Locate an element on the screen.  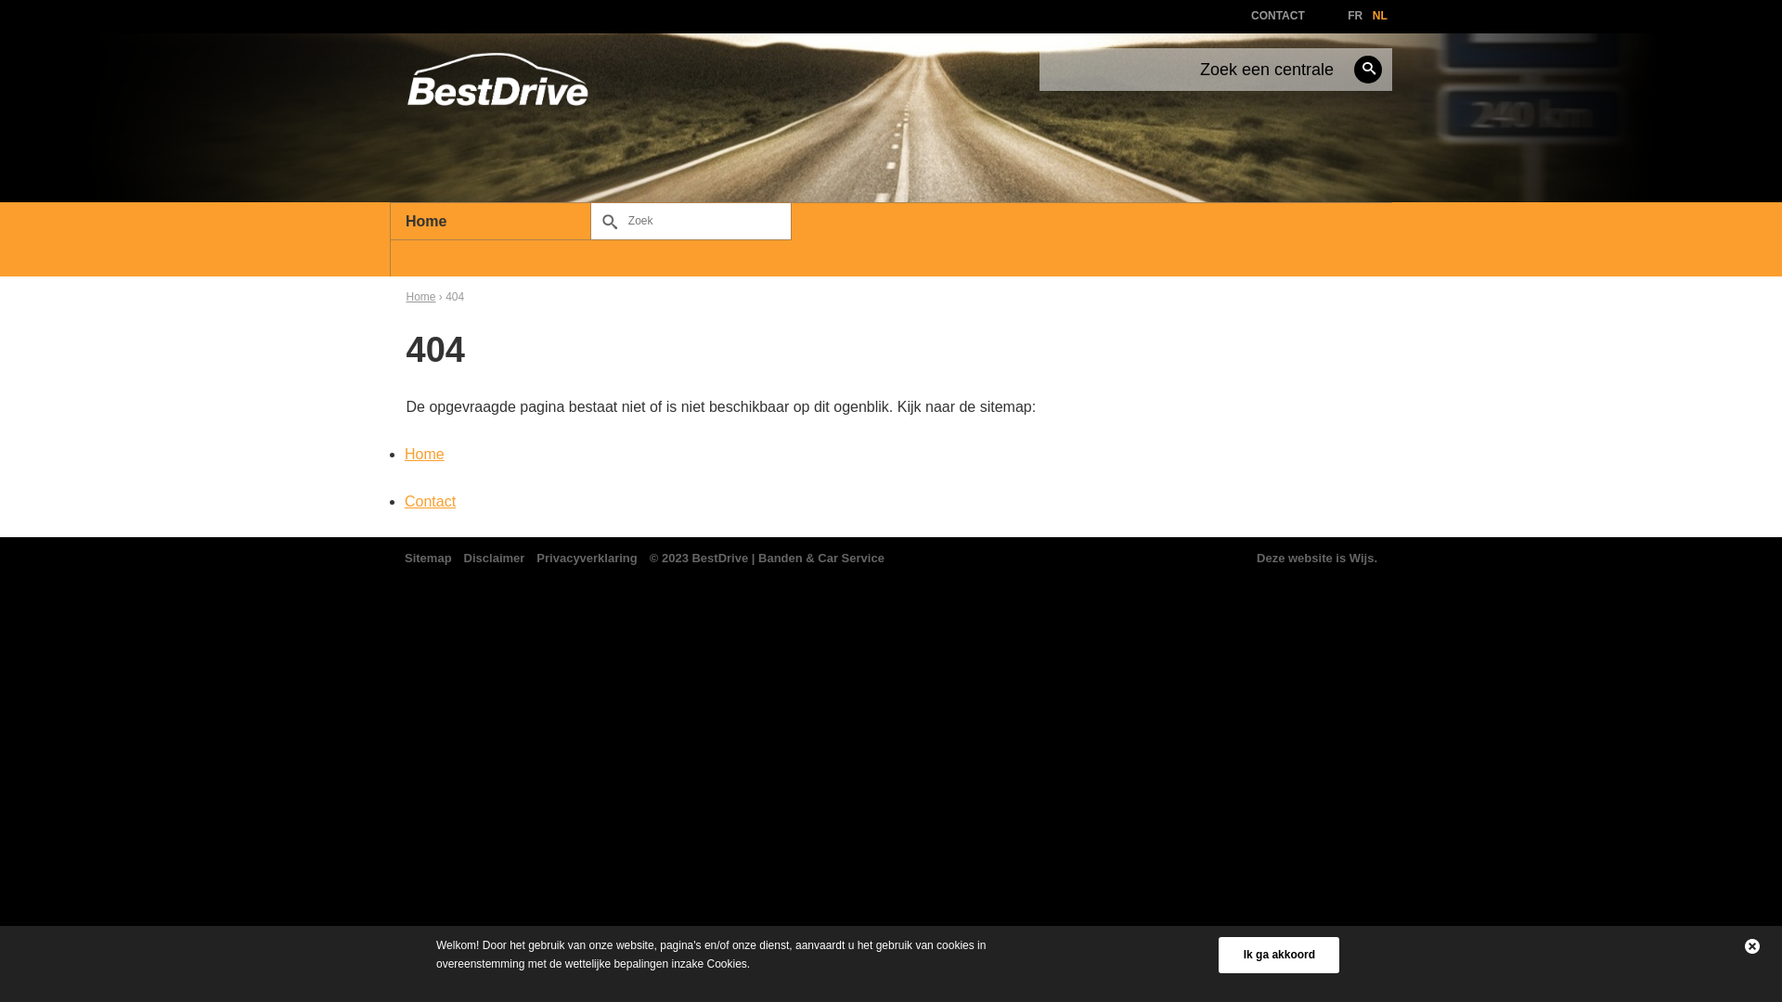
'FR' is located at coordinates (1354, 15).